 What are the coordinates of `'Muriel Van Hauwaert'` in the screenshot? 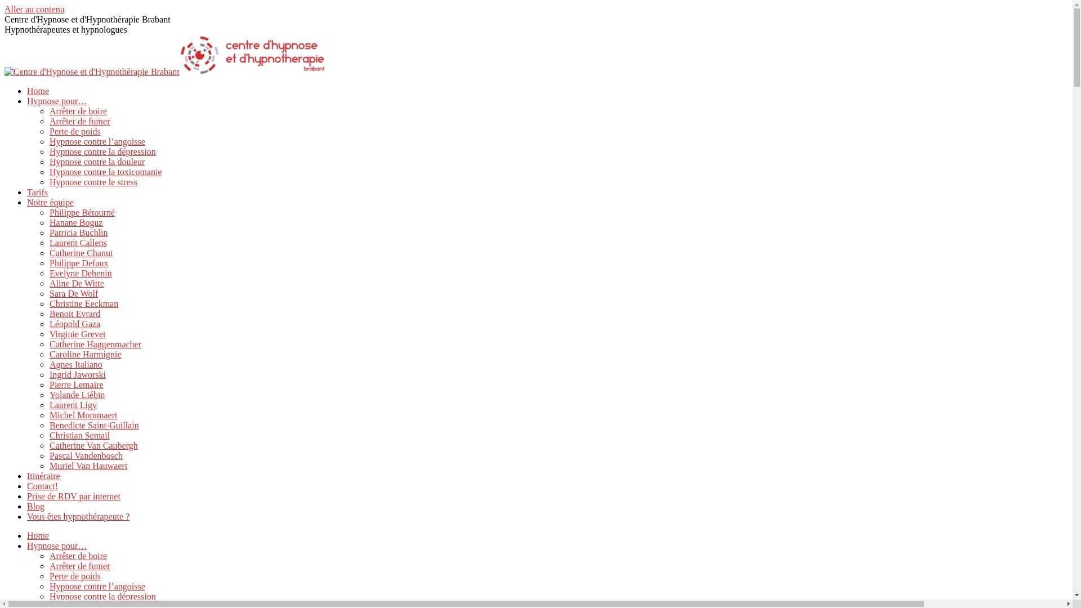 It's located at (88, 466).